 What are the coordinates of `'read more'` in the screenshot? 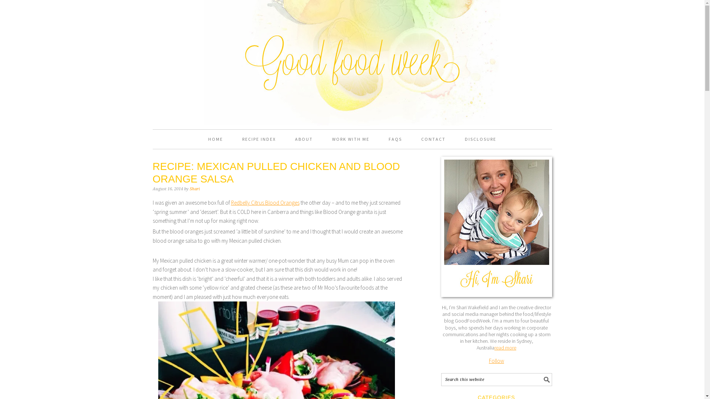 It's located at (505, 348).